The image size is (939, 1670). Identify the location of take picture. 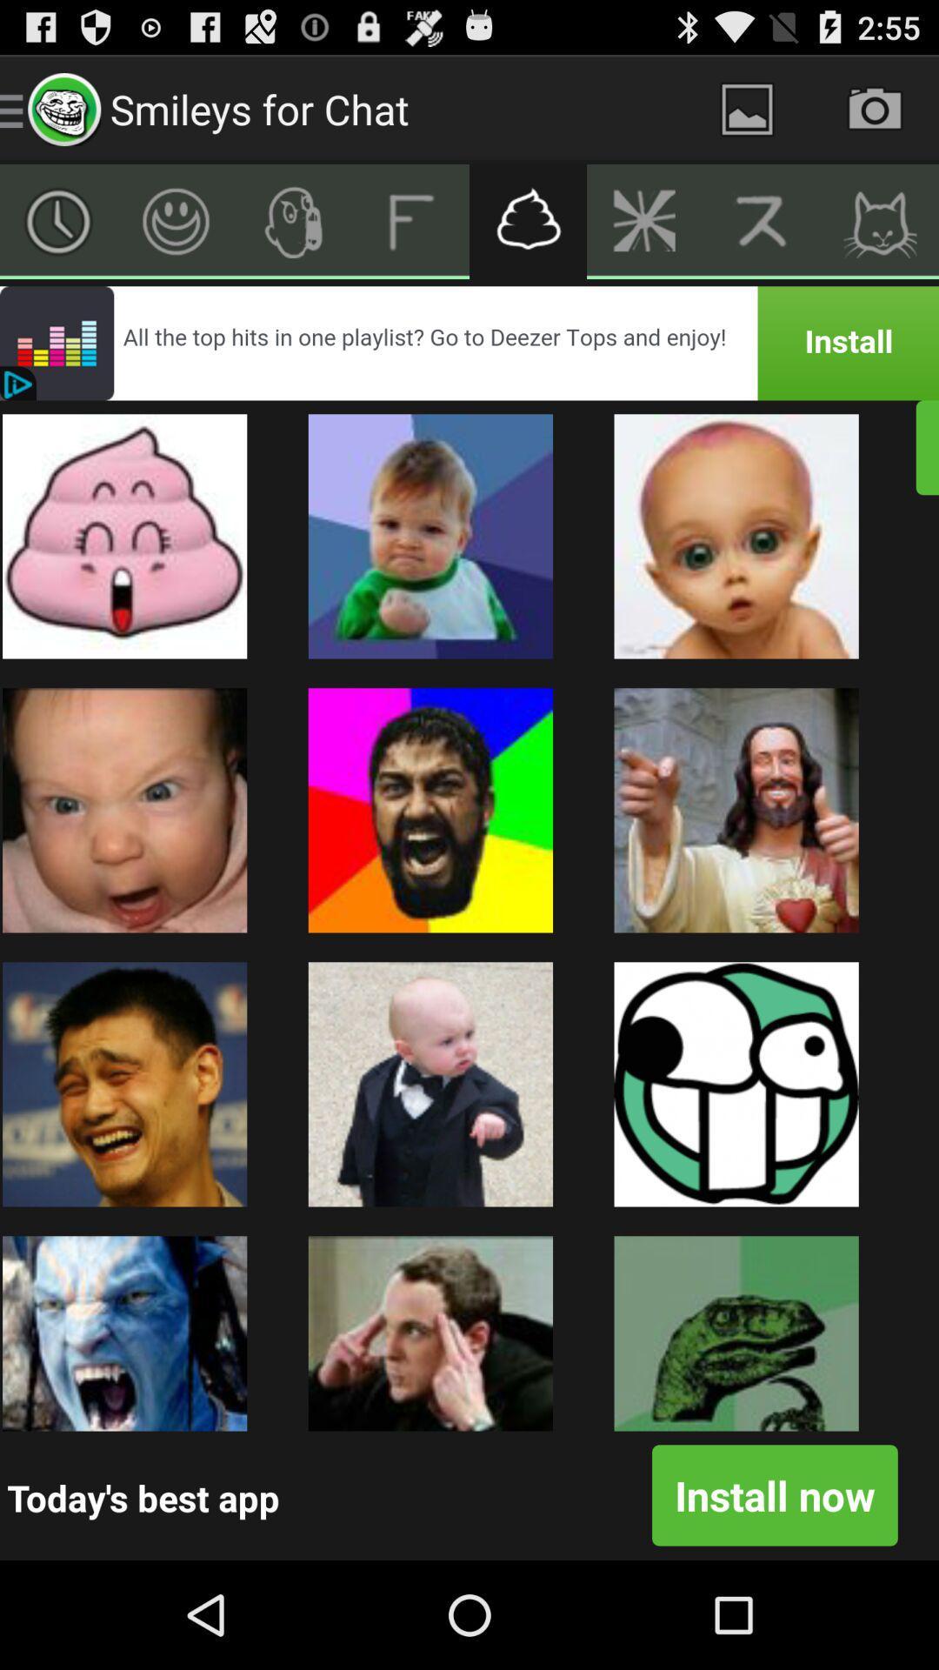
(875, 108).